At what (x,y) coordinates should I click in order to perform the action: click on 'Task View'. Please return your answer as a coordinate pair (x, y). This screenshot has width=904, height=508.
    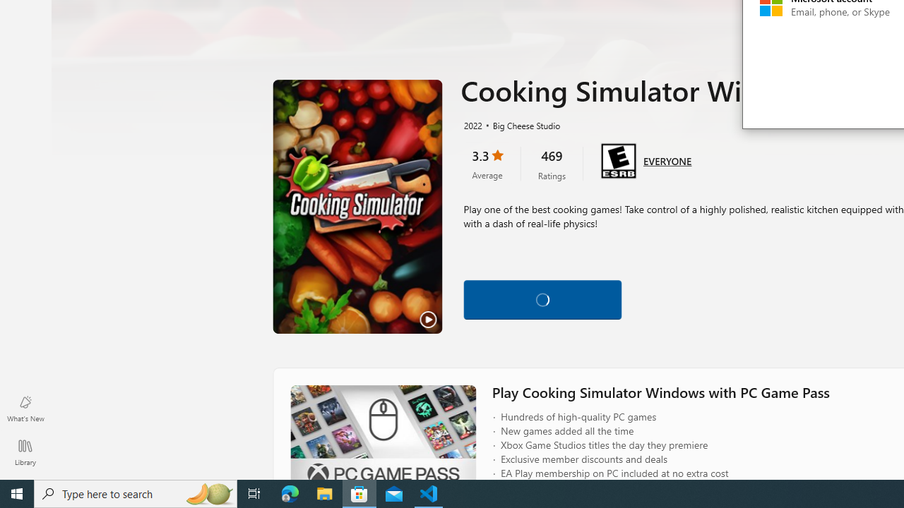
    Looking at the image, I should click on (254, 492).